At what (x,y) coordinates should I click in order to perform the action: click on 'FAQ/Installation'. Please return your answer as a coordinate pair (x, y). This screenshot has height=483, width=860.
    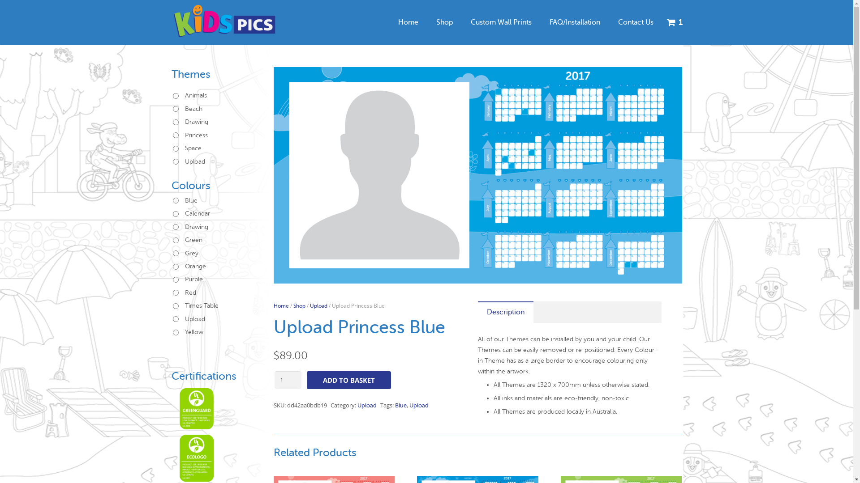
    Looking at the image, I should click on (574, 22).